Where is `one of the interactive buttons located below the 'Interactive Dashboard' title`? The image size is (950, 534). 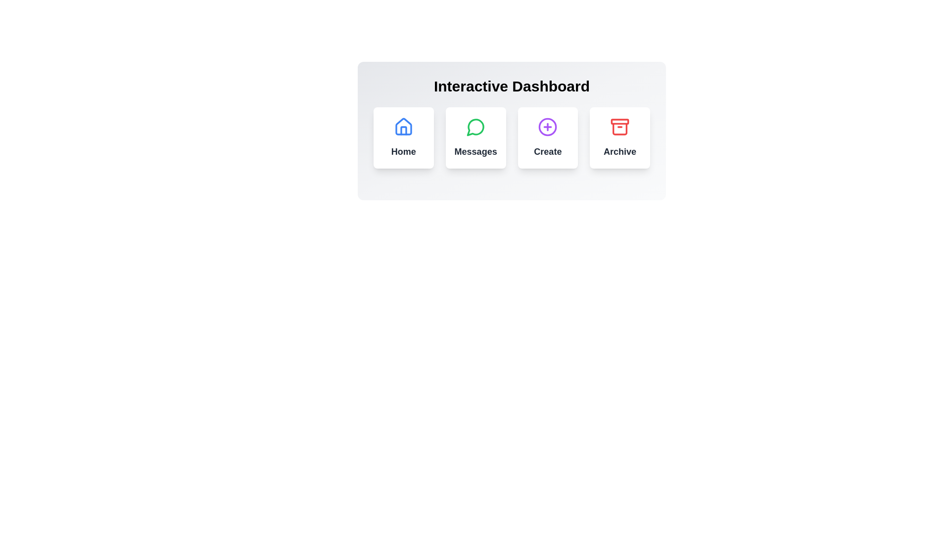
one of the interactive buttons located below the 'Interactive Dashboard' title is located at coordinates (512, 137).